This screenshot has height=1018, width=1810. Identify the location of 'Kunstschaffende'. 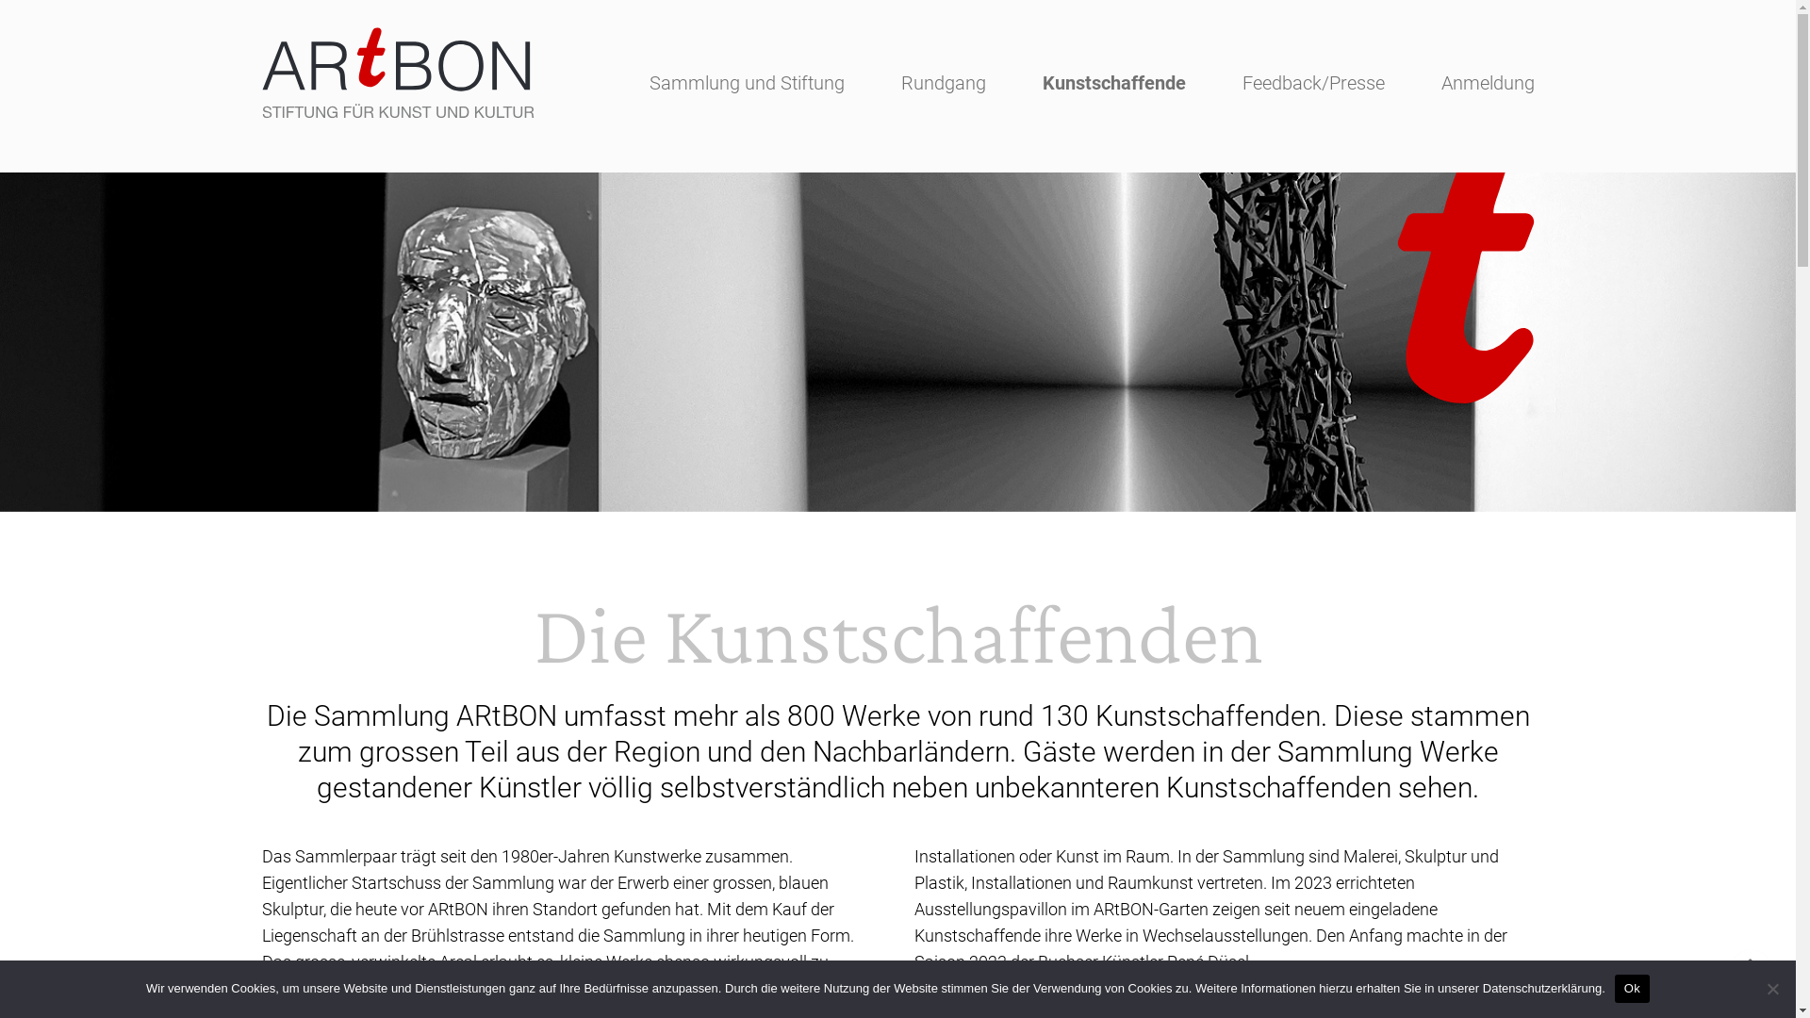
(1113, 82).